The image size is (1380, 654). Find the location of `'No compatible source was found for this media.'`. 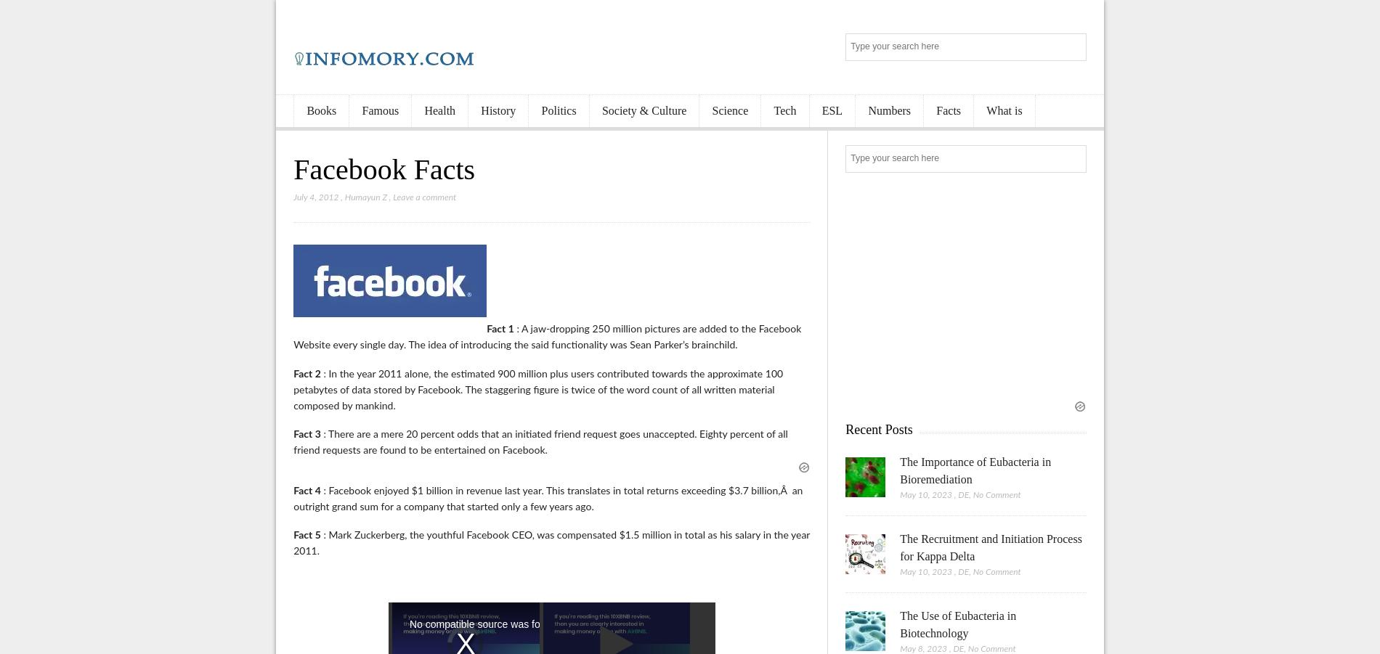

'No compatible source was found for this media.' is located at coordinates (516, 624).